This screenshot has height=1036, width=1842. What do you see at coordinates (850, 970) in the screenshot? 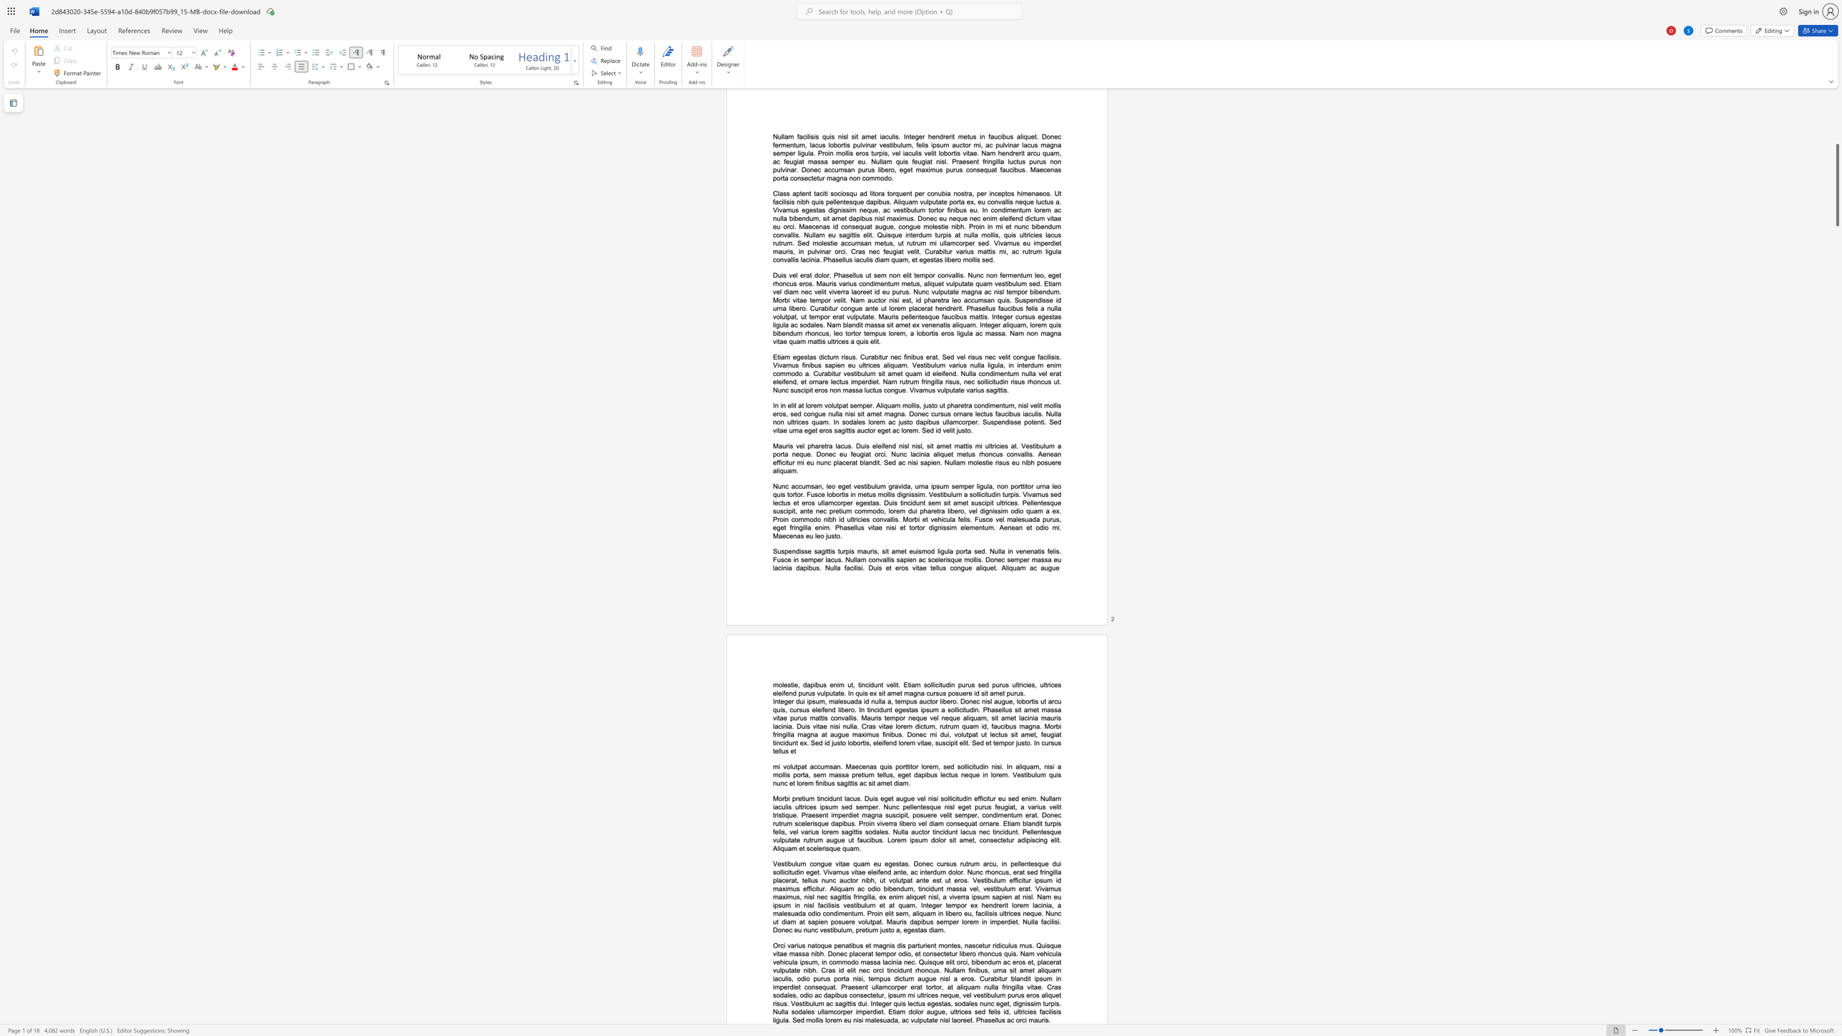
I see `the subset text "lit nec orci tincidu" within the text "Orci varius natoque penatibus et magnis dis parturient montes, nascetur ridiculus mus. Quisque vitae massa nibh. Donec placerat tempor odio, et consectetur libero rhoncus quis. Nam vehicula vehicula ipsum, in commodo massa lacinia nec. Quisque elit orci, bibendum ac eros et, placerat vulputate nibh. Cras id elit nec orci tincidunt rhoncus. Nullam finibus, urna sit amet aliquam iaculis, odio purus porta nisi, tempus dictum augue nisl a eros. Curabitur blandit ipsum in imperdiet consequat. Praesent ullamcorper erat tortor, at aliquam nulla fringilla vitae. Cras sodales, odio ac dapibus consectetur, ipsum mi ultrices neque, vel vestibulum purus eros aliquet risus. Vestibulum ac sagittis dui. Integer quis lectus egestas, sodales nunc eget, dignissim turpis. Nulla sodales ullamcorper imperdiet. Etiam dolor augue, ultrices sed felis id, ultricies facilisis ligula. Sed mollis lorem eu nisi malesuada, ac vulputate nisl laoreet. Phasellus ac orci mauris."` at bounding box center [850, 970].